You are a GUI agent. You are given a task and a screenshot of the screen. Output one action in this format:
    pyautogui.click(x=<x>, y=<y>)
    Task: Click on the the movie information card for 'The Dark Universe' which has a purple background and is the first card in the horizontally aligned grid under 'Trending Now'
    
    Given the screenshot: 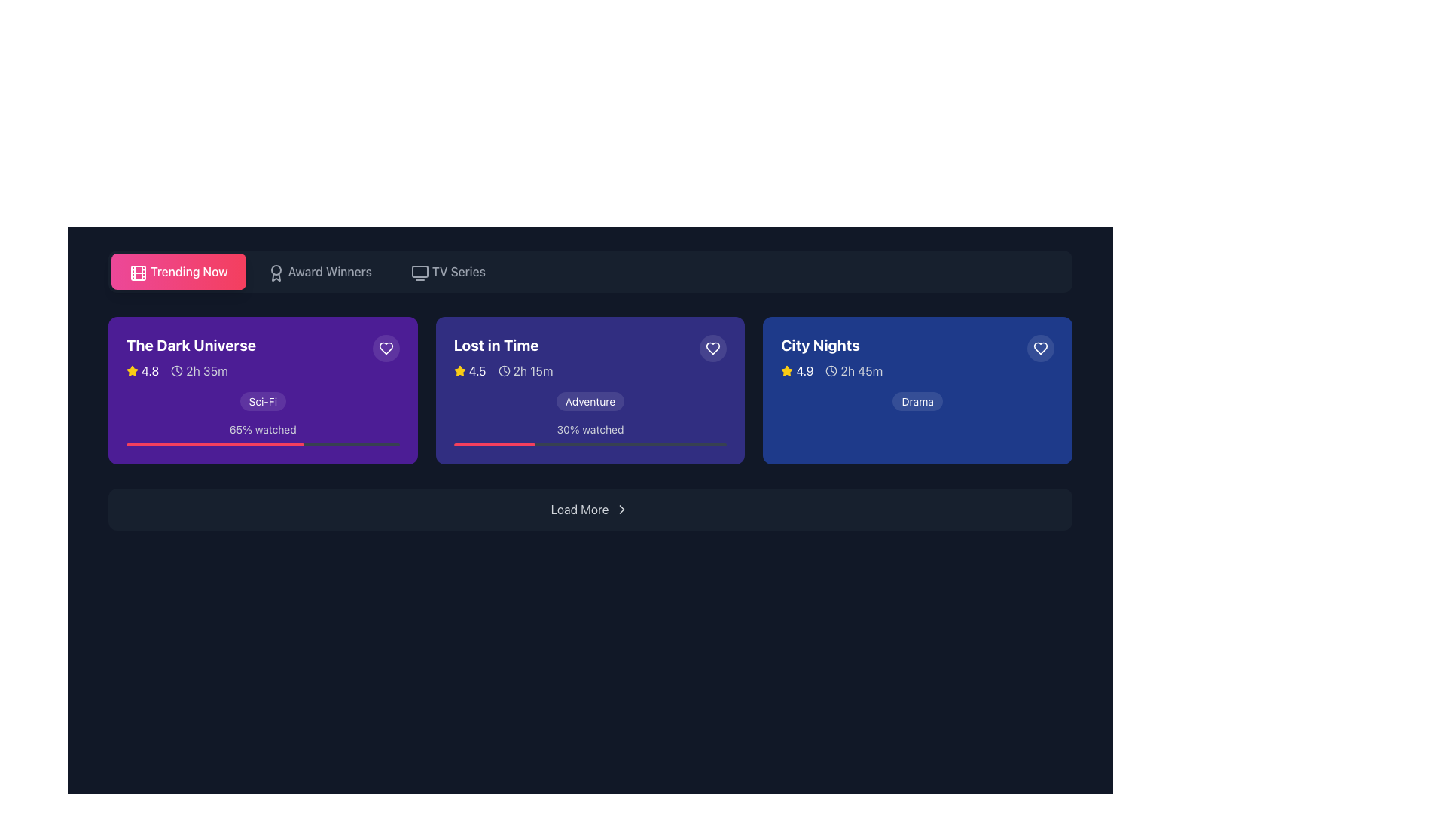 What is the action you would take?
    pyautogui.click(x=263, y=372)
    